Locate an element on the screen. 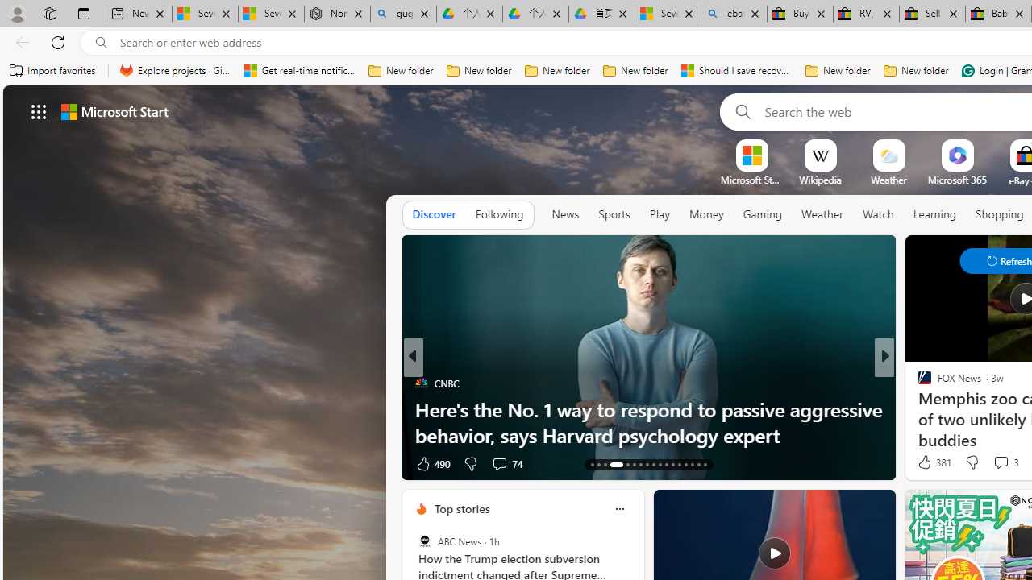 The image size is (1032, 580). 'Top stories' is located at coordinates (460, 508).